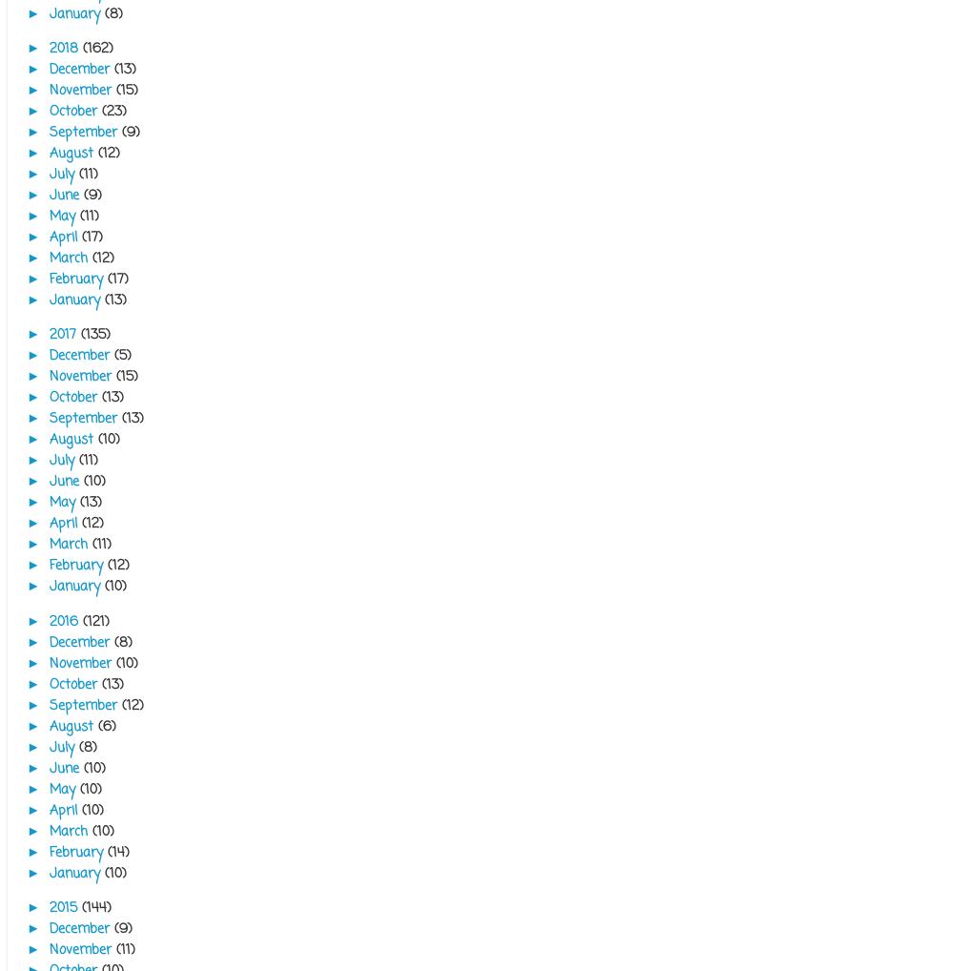 The height and width of the screenshot is (971, 980). What do you see at coordinates (94, 620) in the screenshot?
I see `'(121)'` at bounding box center [94, 620].